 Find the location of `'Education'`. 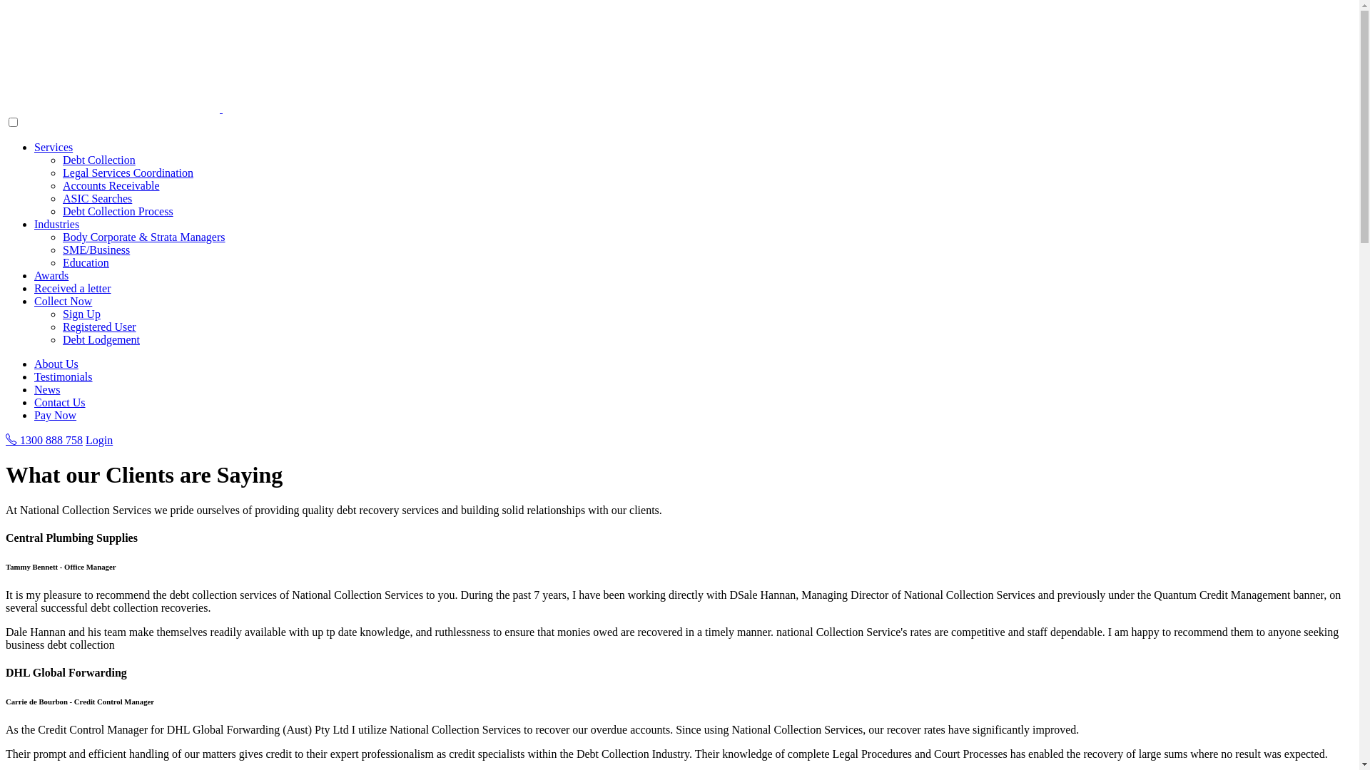

'Education' is located at coordinates (85, 262).